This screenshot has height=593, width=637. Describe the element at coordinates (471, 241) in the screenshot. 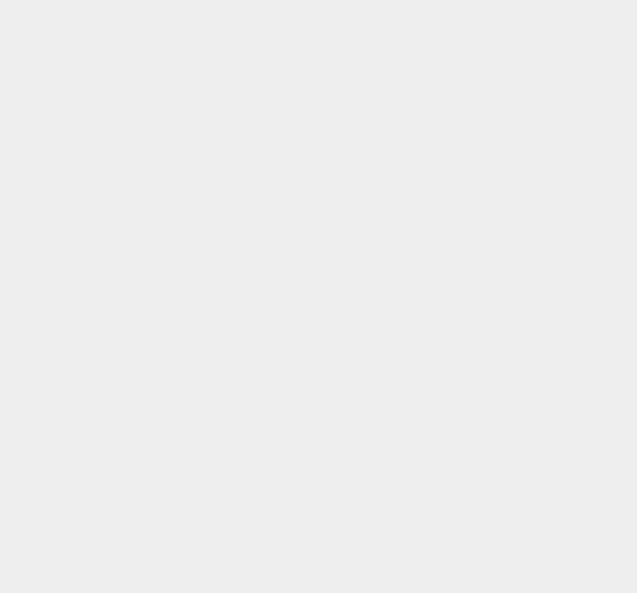

I see `'Rovio Mobile'` at that location.